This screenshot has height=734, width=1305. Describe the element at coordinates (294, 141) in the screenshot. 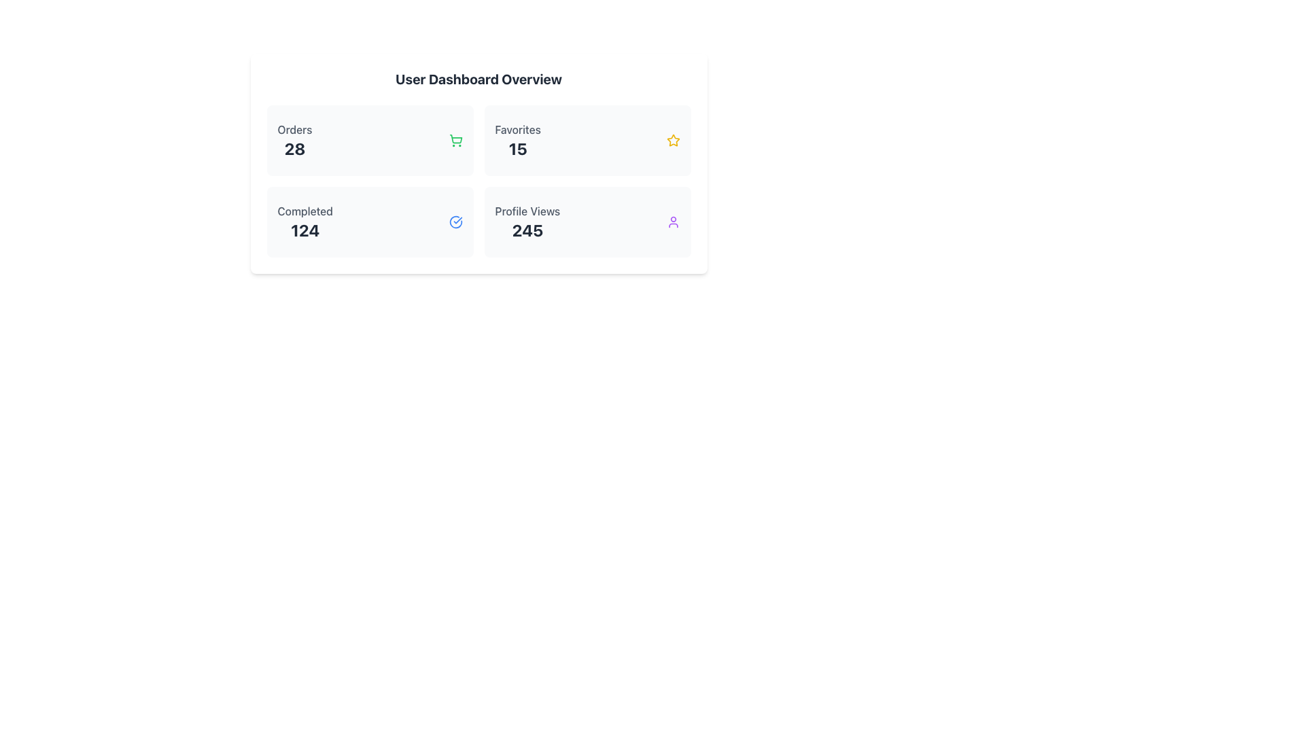

I see `the Statistical summary display component that shows the number of 'Orders' as '28', located in the top-left section of the card on the dashboard` at that location.